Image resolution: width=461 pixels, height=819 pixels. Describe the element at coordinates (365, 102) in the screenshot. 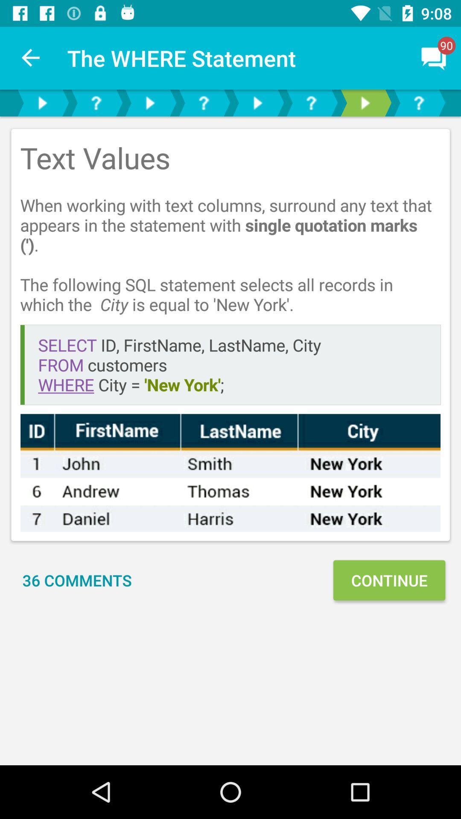

I see `next area` at that location.